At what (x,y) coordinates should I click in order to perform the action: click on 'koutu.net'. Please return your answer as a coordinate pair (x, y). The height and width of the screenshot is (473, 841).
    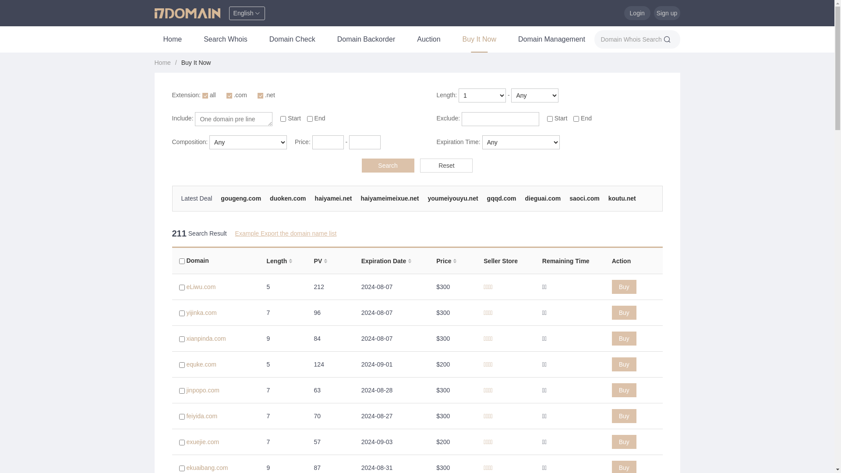
    Looking at the image, I should click on (608, 198).